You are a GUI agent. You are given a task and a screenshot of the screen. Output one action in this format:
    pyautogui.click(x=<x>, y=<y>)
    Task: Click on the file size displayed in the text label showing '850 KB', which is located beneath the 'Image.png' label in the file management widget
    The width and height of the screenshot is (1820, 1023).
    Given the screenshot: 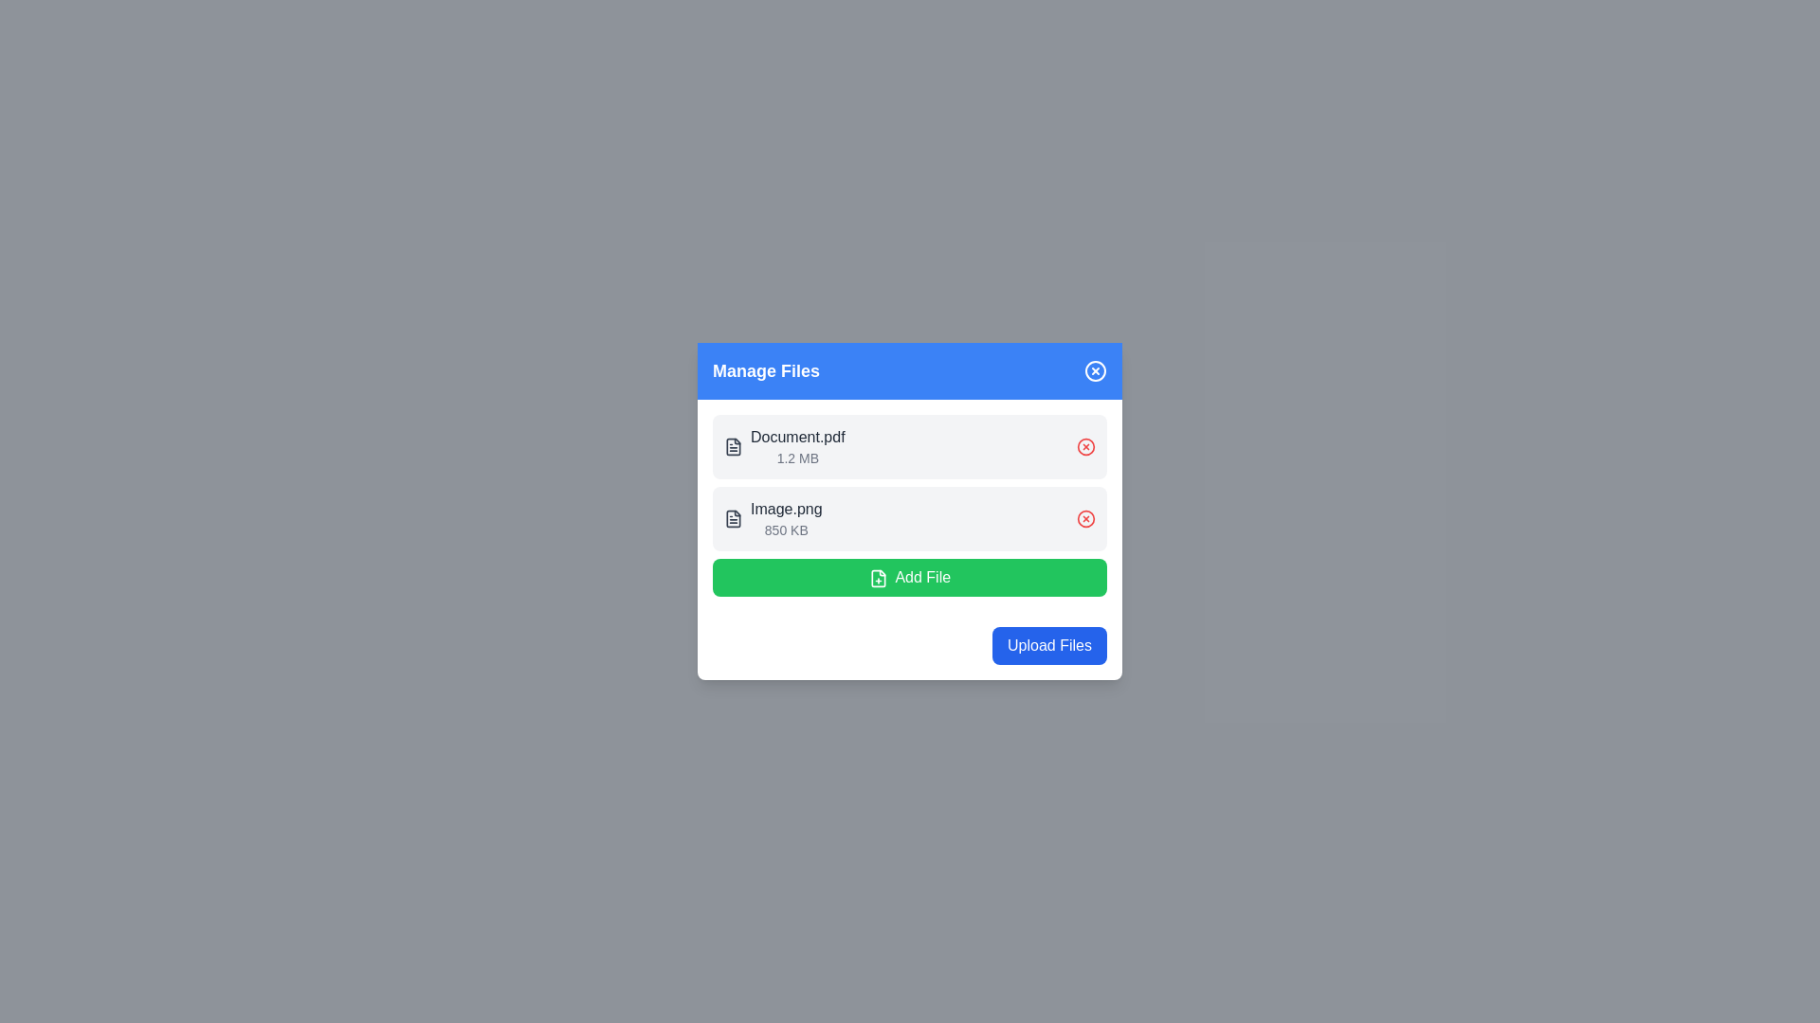 What is the action you would take?
    pyautogui.click(x=786, y=529)
    